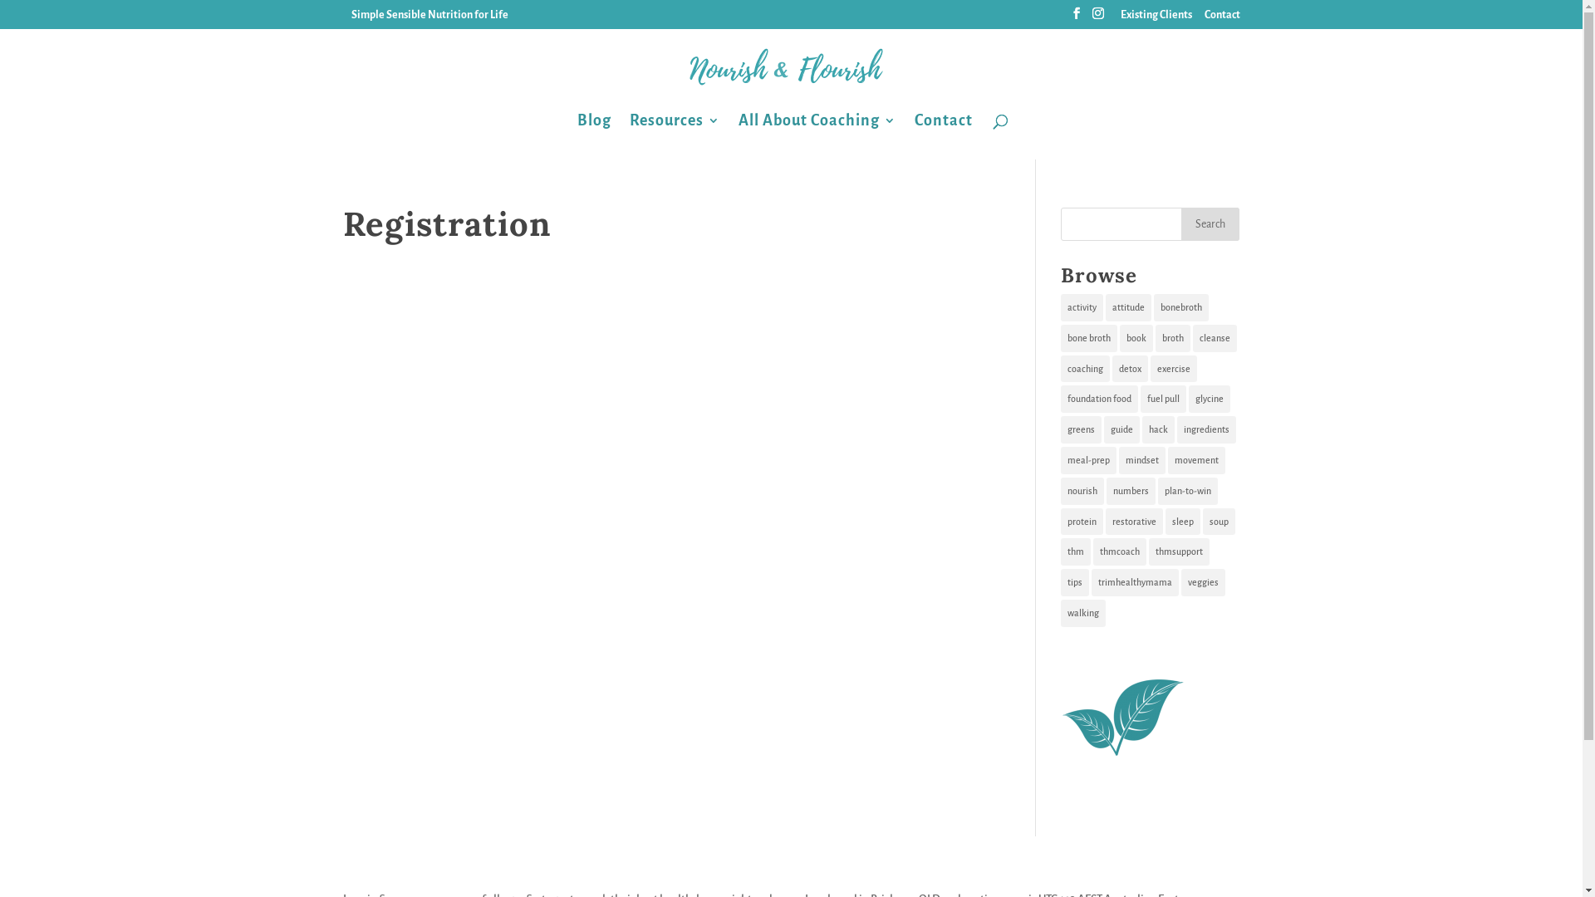 This screenshot has height=897, width=1595. Describe the element at coordinates (1180, 307) in the screenshot. I see `'bonebroth'` at that location.